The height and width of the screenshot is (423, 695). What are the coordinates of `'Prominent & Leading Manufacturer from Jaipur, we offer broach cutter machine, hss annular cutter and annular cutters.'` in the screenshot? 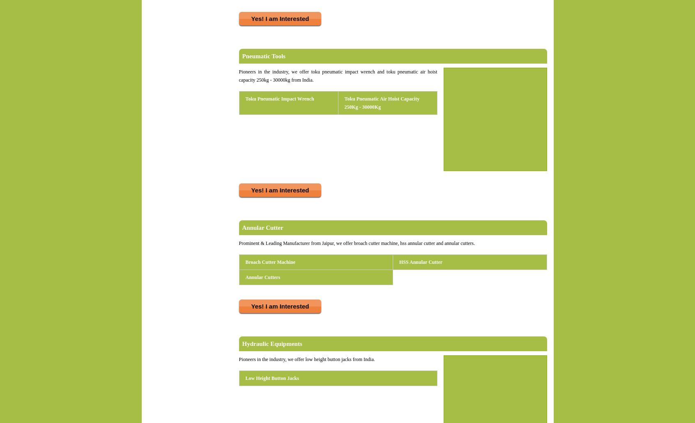 It's located at (356, 243).